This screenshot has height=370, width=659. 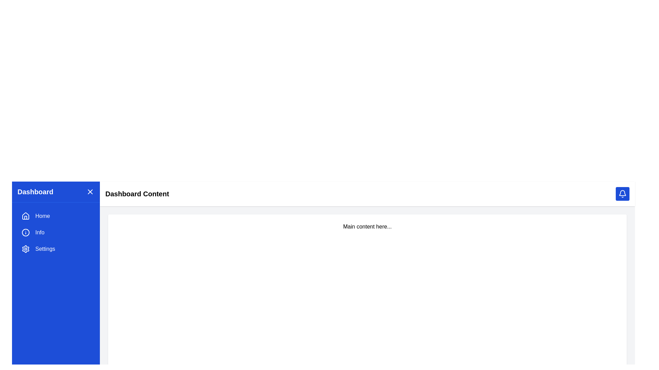 What do you see at coordinates (137, 194) in the screenshot?
I see `the text label located in the white bar at the top section of the interface, which serves as a header or title indicating the current section or page content` at bounding box center [137, 194].